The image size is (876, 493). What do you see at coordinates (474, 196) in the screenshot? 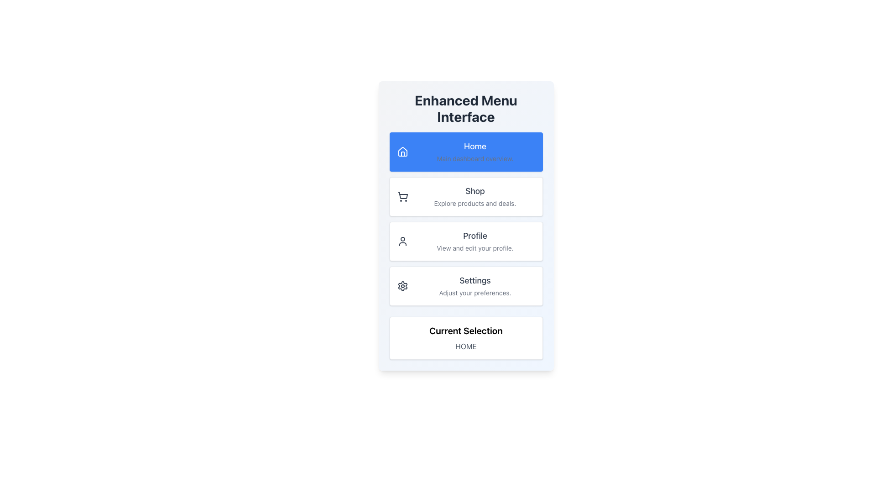
I see `the 'Shop' text label, which features a bold title and a gray subtitle, positioned between the 'Home' and 'Profile' sections in the vertical menu layout` at bounding box center [474, 196].